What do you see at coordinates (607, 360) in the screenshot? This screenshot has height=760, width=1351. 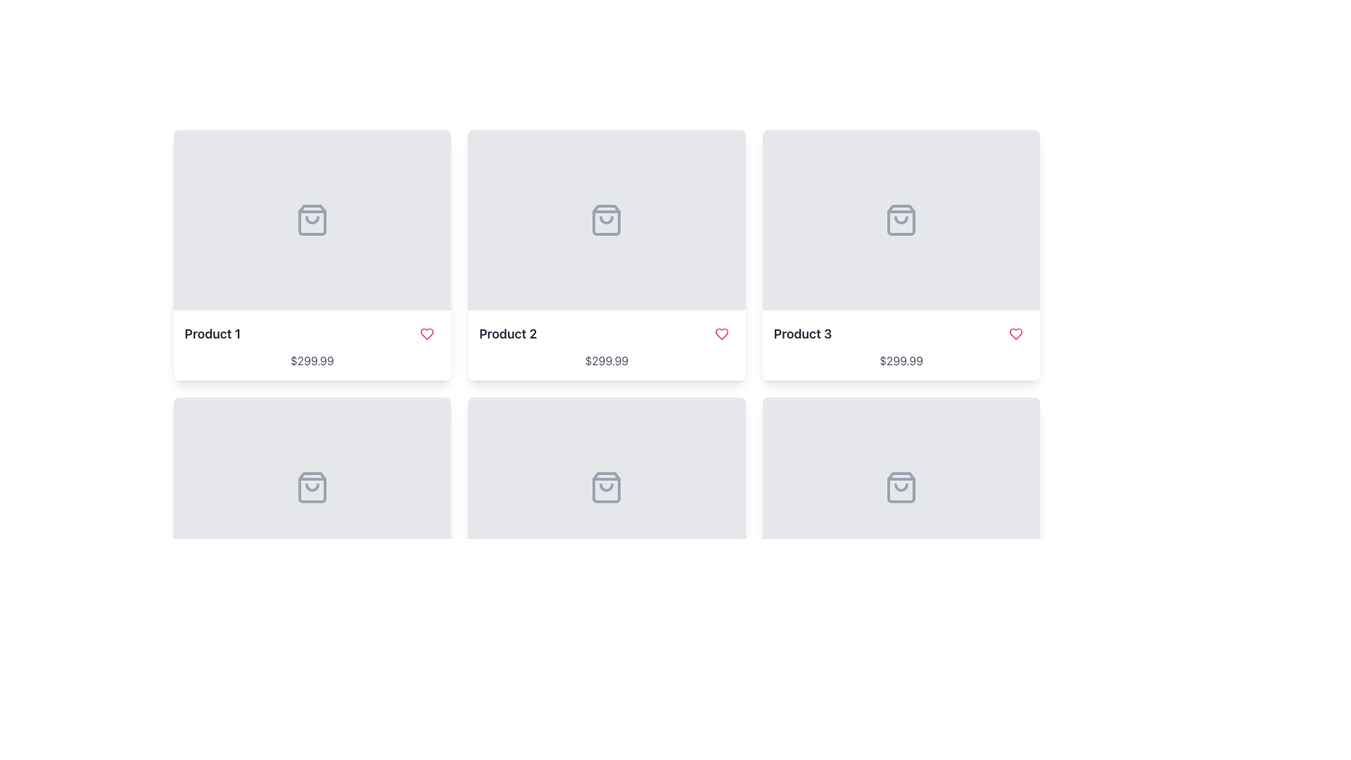 I see `price information displayed in the text label located below the product name of 'Product 2', which is centered in the tile for the product` at bounding box center [607, 360].